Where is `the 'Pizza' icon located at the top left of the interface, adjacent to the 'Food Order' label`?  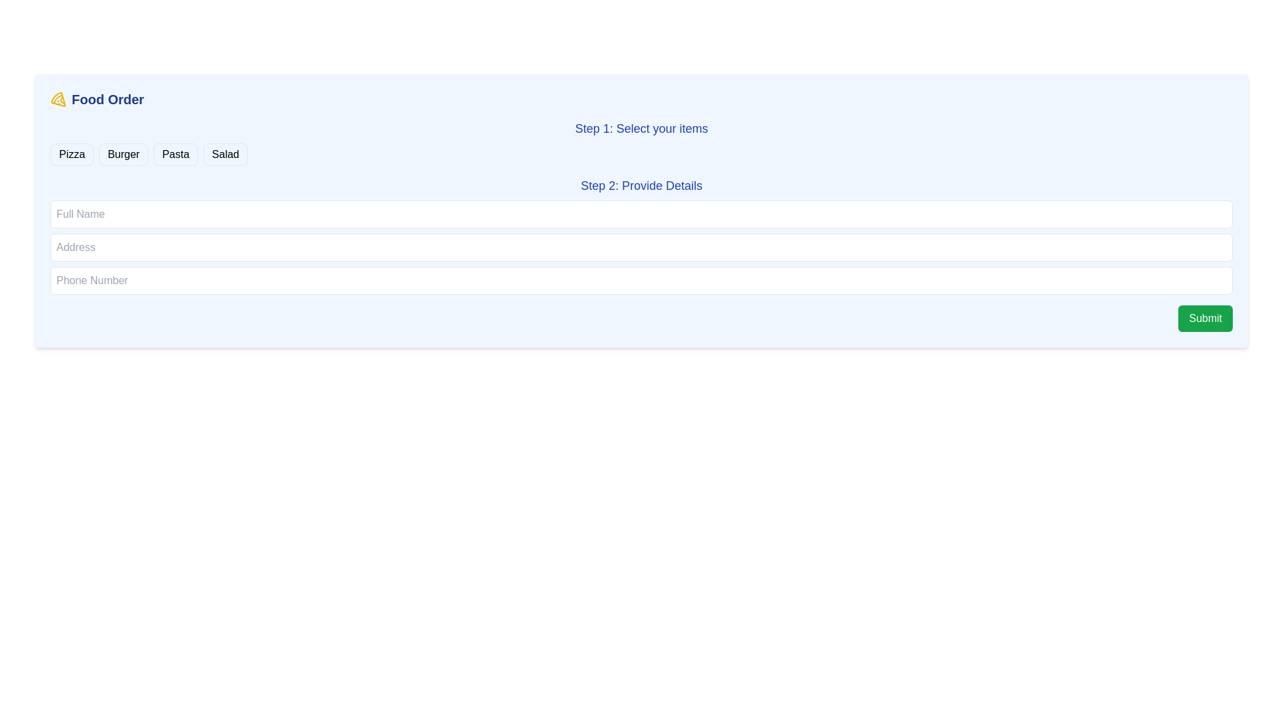 the 'Pizza' icon located at the top left of the interface, adjacent to the 'Food Order' label is located at coordinates (57, 99).